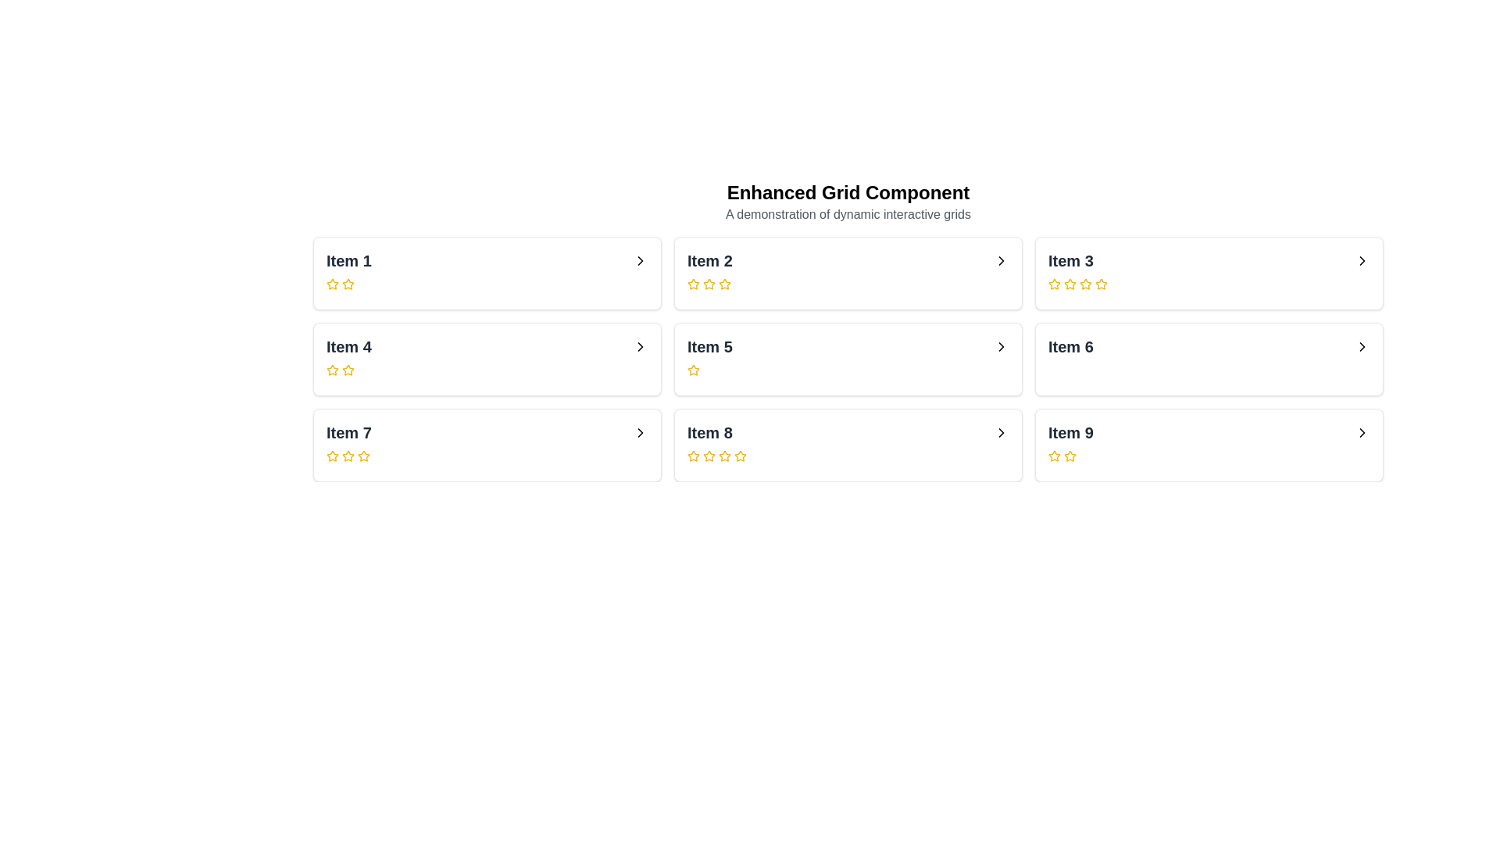  What do you see at coordinates (740, 456) in the screenshot?
I see `the third star of the rating system for Item 8` at bounding box center [740, 456].